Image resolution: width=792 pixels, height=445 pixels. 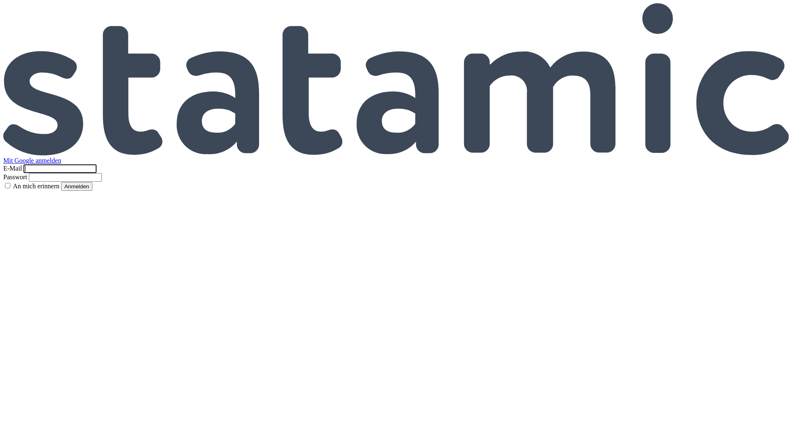 What do you see at coordinates (77, 186) in the screenshot?
I see `'Anmelden'` at bounding box center [77, 186].